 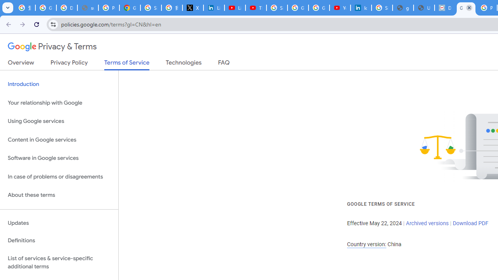 What do you see at coordinates (59, 102) in the screenshot?
I see `'Your relationship with Google'` at bounding box center [59, 102].